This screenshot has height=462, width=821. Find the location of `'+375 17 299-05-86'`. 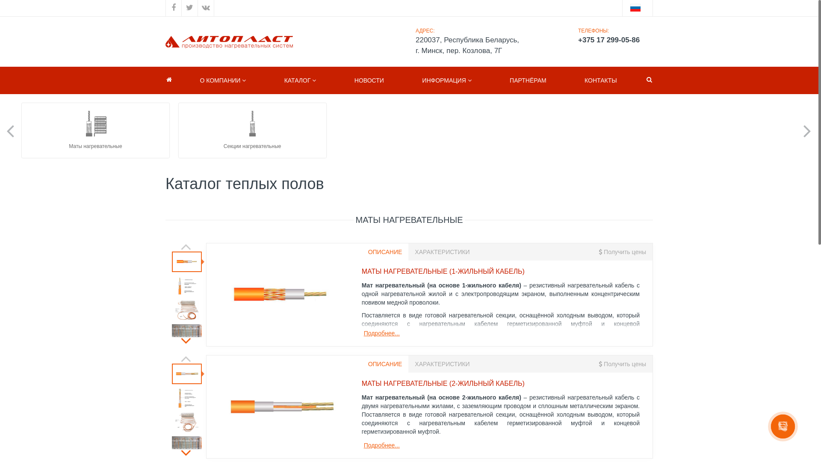

'+375 17 299-05-86' is located at coordinates (611, 40).